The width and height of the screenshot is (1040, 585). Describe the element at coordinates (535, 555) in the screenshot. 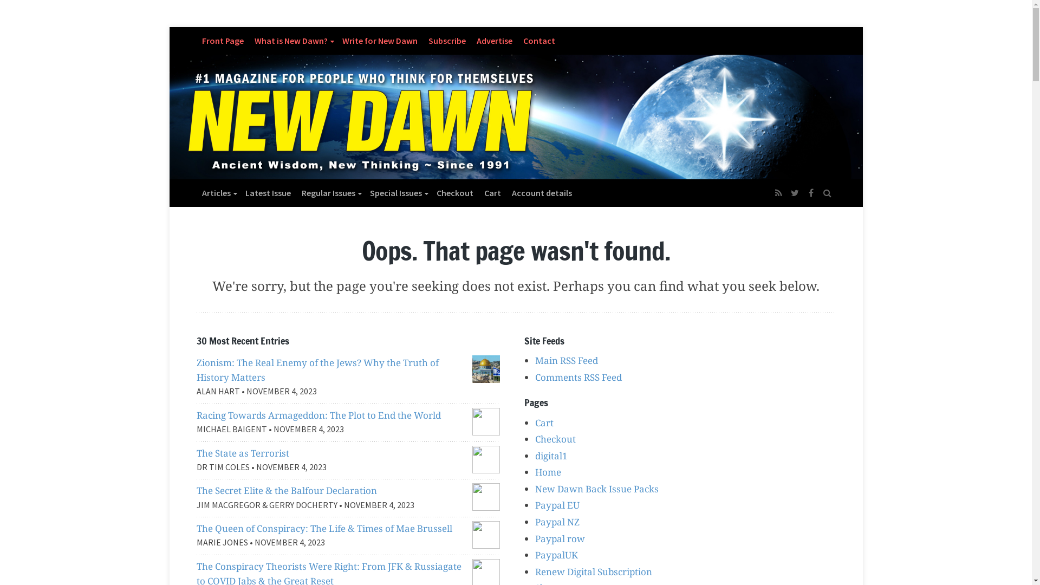

I see `'PaypalUK'` at that location.